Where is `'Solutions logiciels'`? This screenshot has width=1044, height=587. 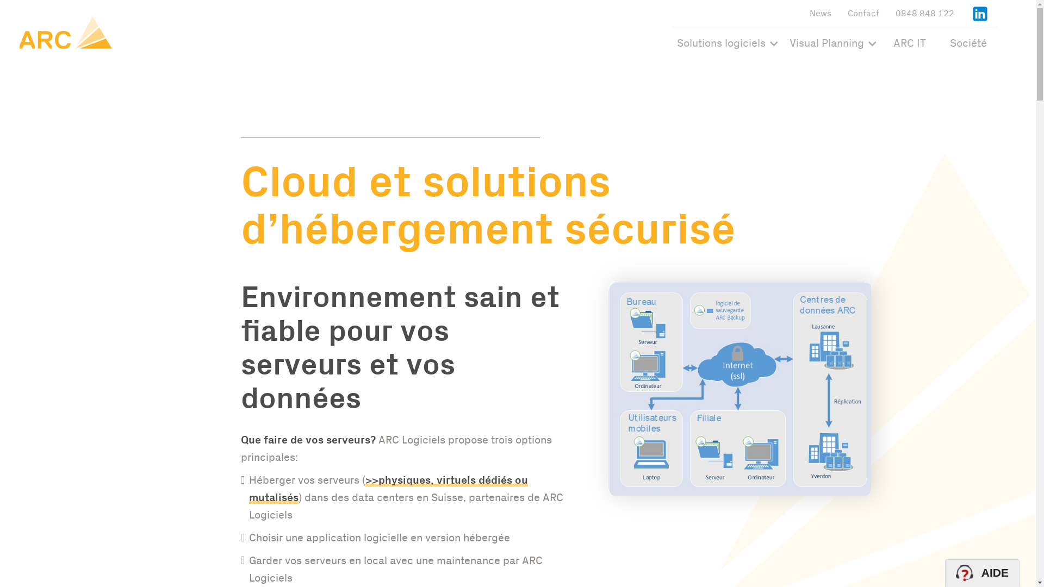
'Solutions logiciels' is located at coordinates (721, 43).